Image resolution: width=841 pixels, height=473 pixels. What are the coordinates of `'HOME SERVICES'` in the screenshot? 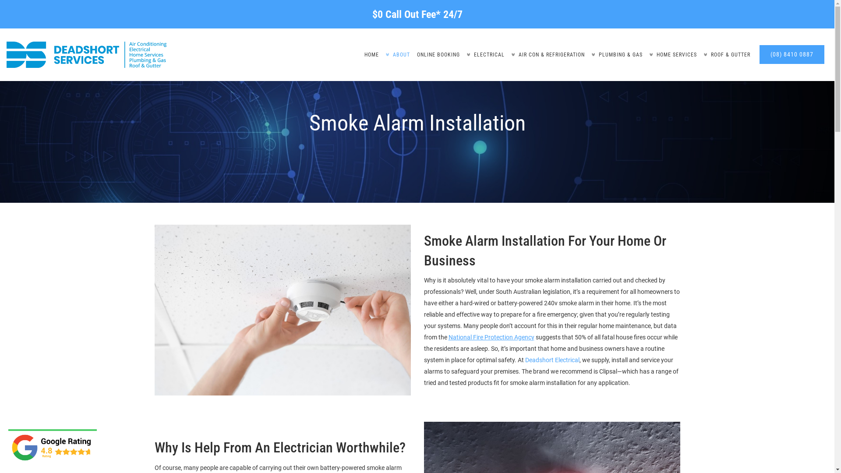 It's located at (672, 54).